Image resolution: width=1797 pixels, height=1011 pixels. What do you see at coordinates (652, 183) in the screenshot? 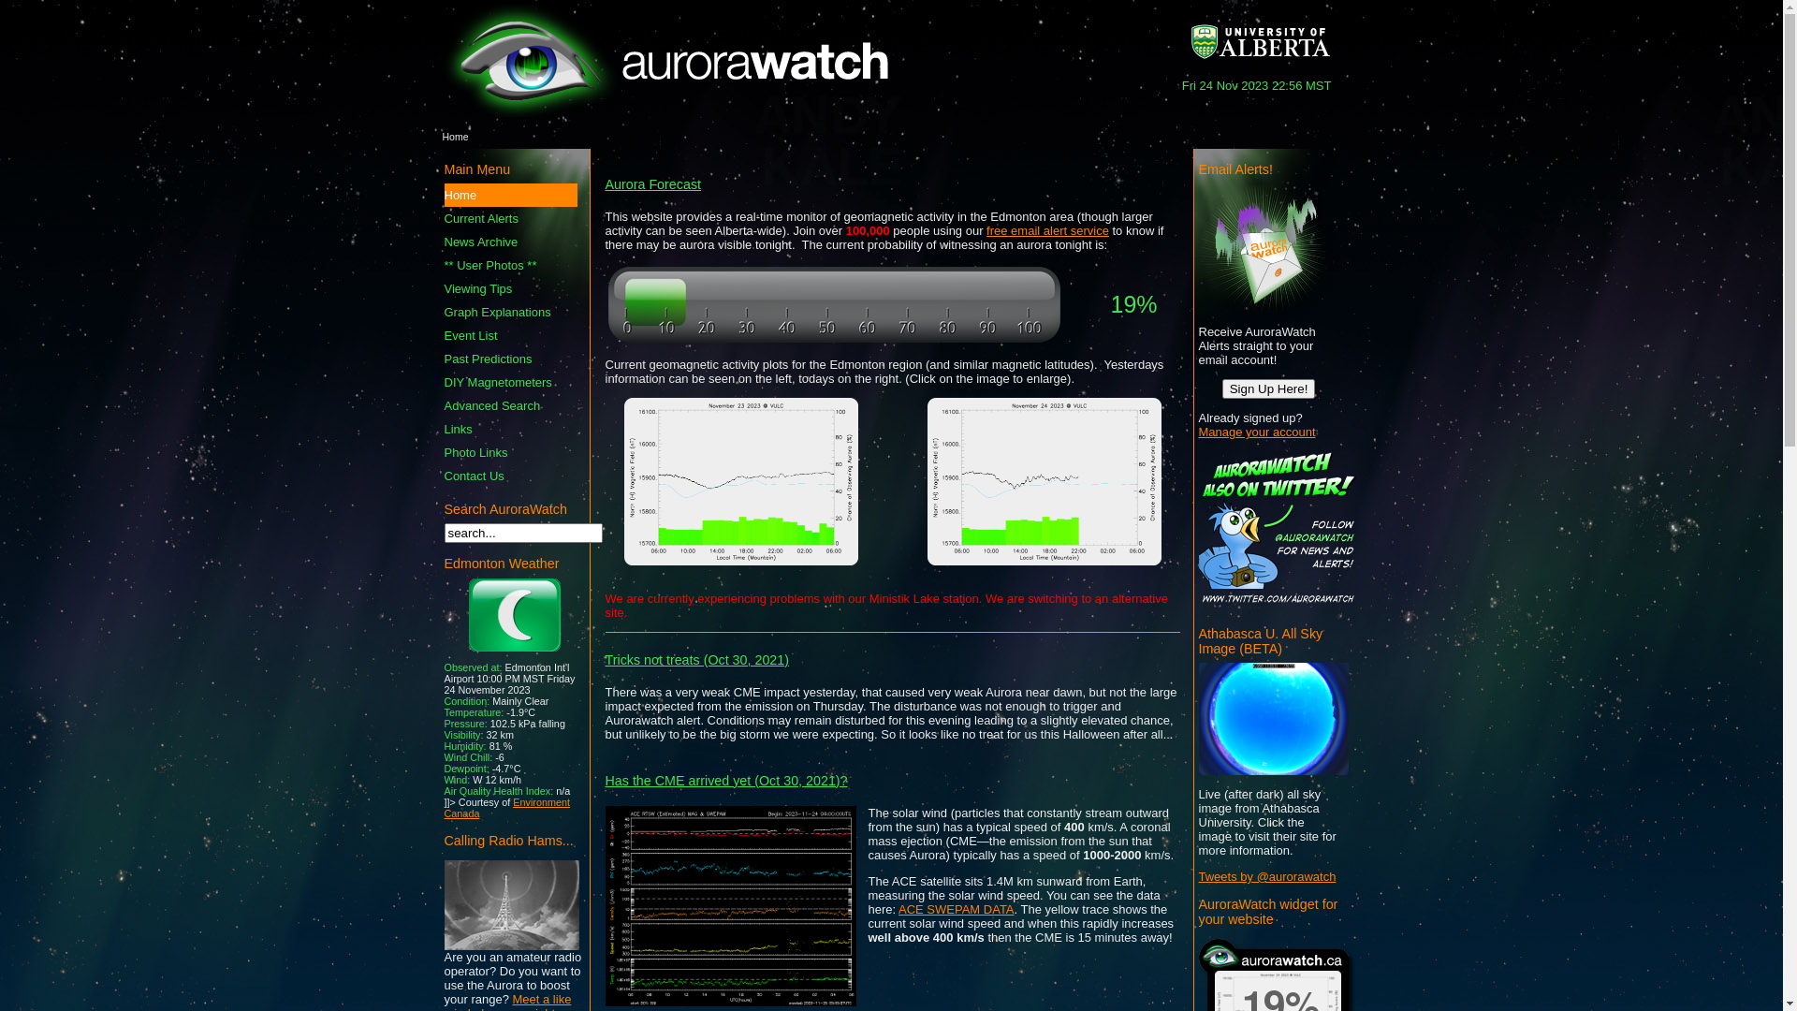
I see `'Aurora Forecast'` at bounding box center [652, 183].